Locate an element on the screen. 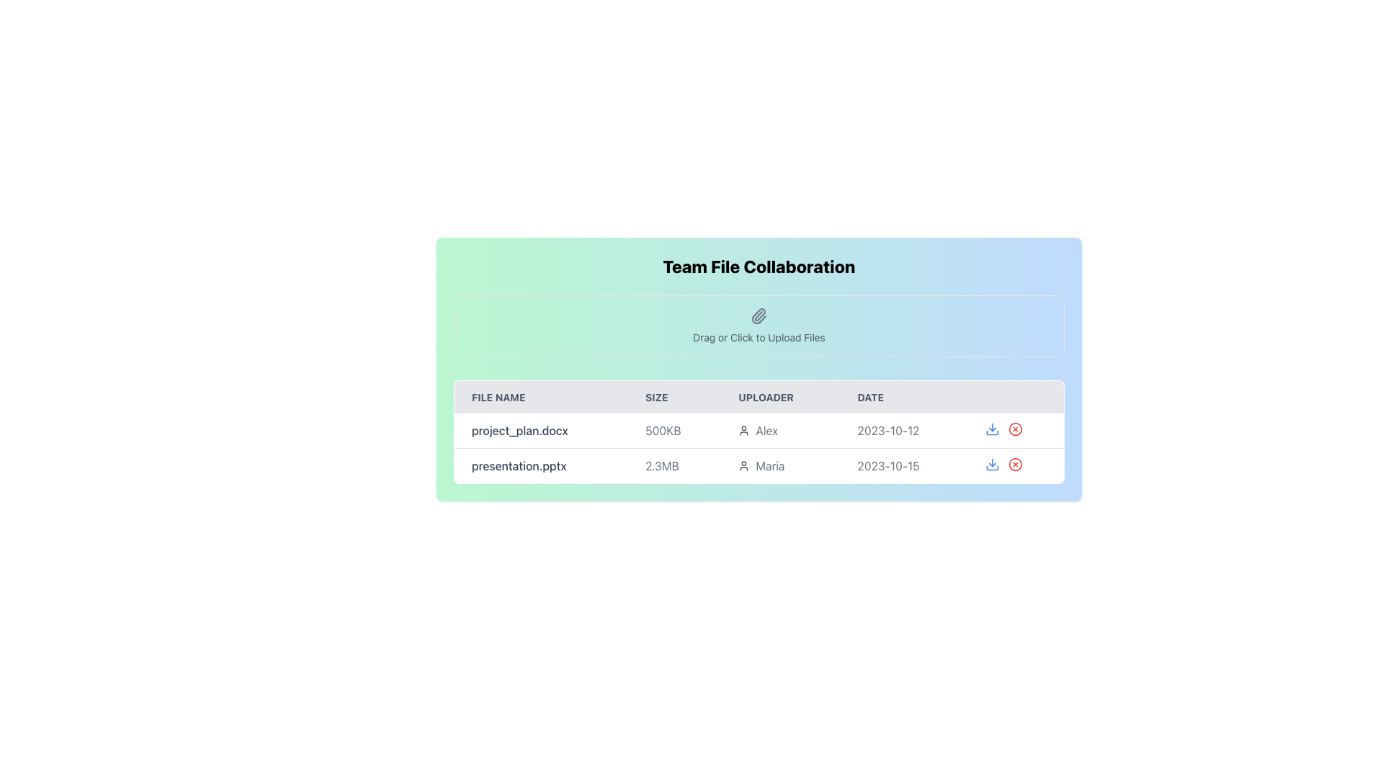 This screenshot has height=778, width=1383. the text element displaying '2.3MB' in the 'SIZE' column of the file list interface, located in the second row next to 'presentation.pptx' is located at coordinates (673, 466).